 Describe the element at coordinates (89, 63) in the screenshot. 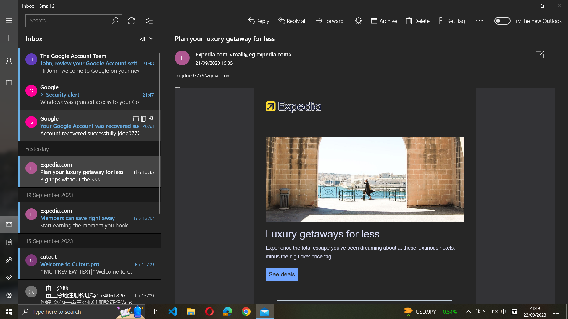

I see `Erase the initial email` at that location.